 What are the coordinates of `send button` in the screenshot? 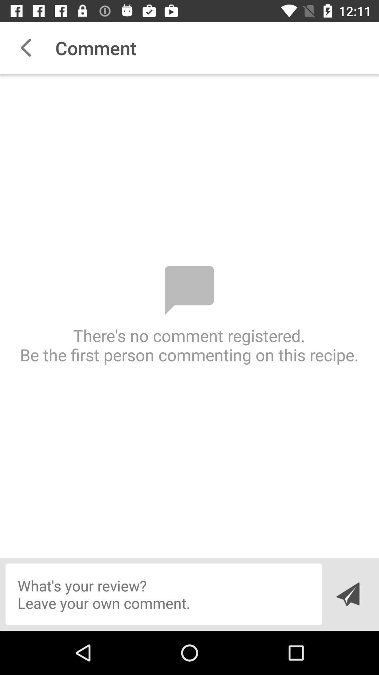 It's located at (347, 594).